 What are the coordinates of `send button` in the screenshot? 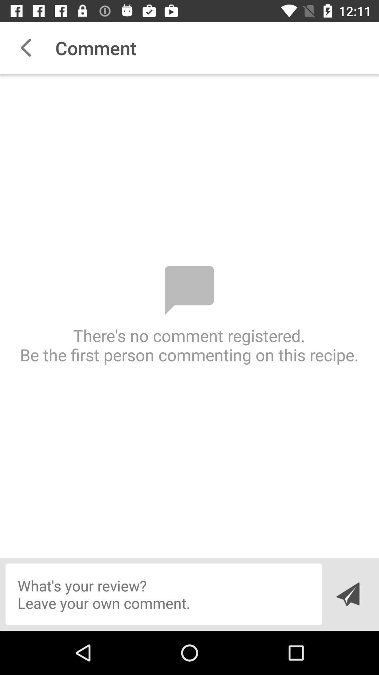 It's located at (347, 594).